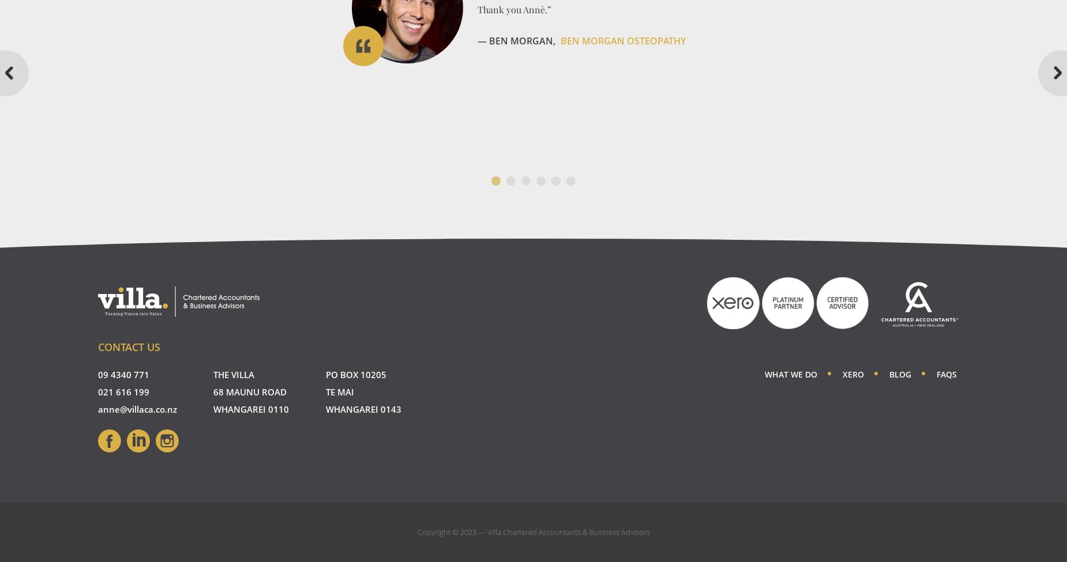 The image size is (1067, 562). I want to click on 'Mason Street Architectural Drafting Ltd', so click(587, 139).